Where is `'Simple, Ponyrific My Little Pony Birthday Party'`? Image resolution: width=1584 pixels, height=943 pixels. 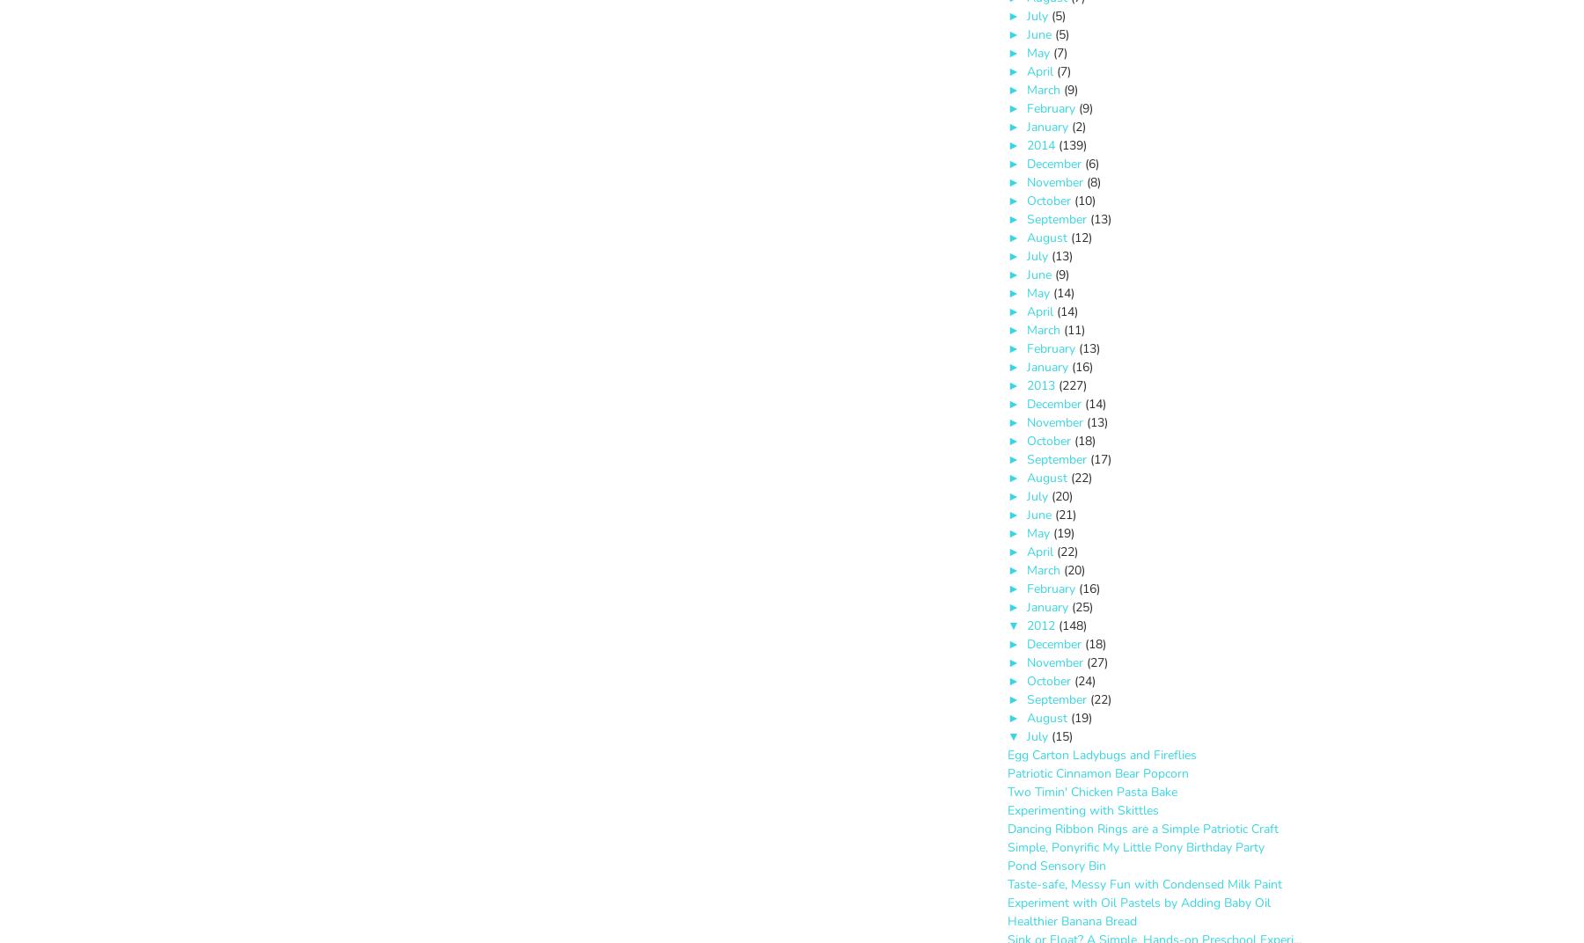 'Simple, Ponyrific My Little Pony Birthday Party' is located at coordinates (1135, 846).